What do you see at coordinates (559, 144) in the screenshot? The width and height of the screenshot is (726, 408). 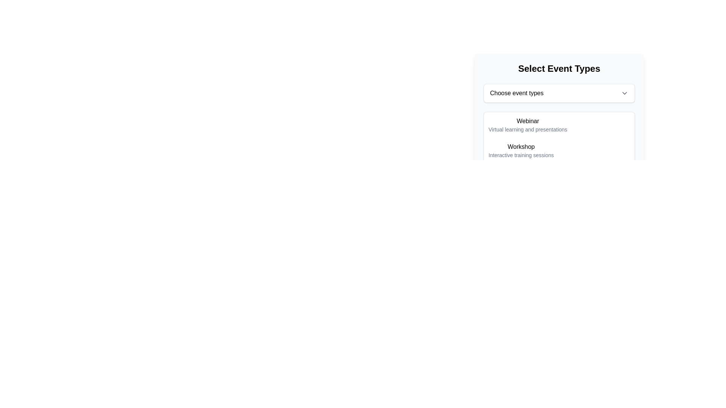 I see `the 'Workshop' dropdown menu item, which is the second visible option in the list of events, located centrally within the card-like interface` at bounding box center [559, 144].